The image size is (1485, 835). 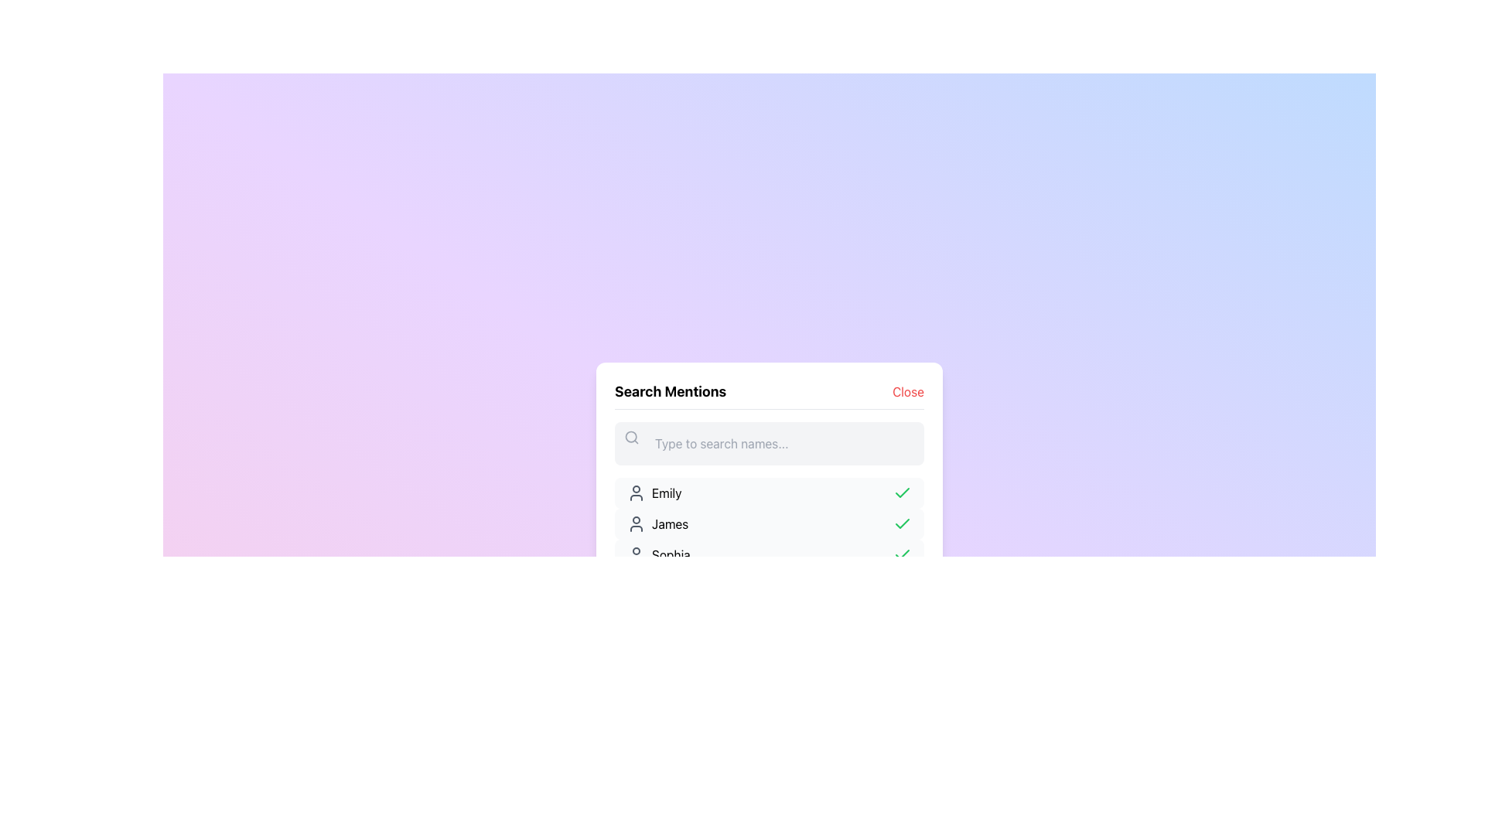 I want to click on the selectable list item displaying the name 'Emily', which is the first entry in the vertically arranged list below the search bar, so click(x=667, y=492).